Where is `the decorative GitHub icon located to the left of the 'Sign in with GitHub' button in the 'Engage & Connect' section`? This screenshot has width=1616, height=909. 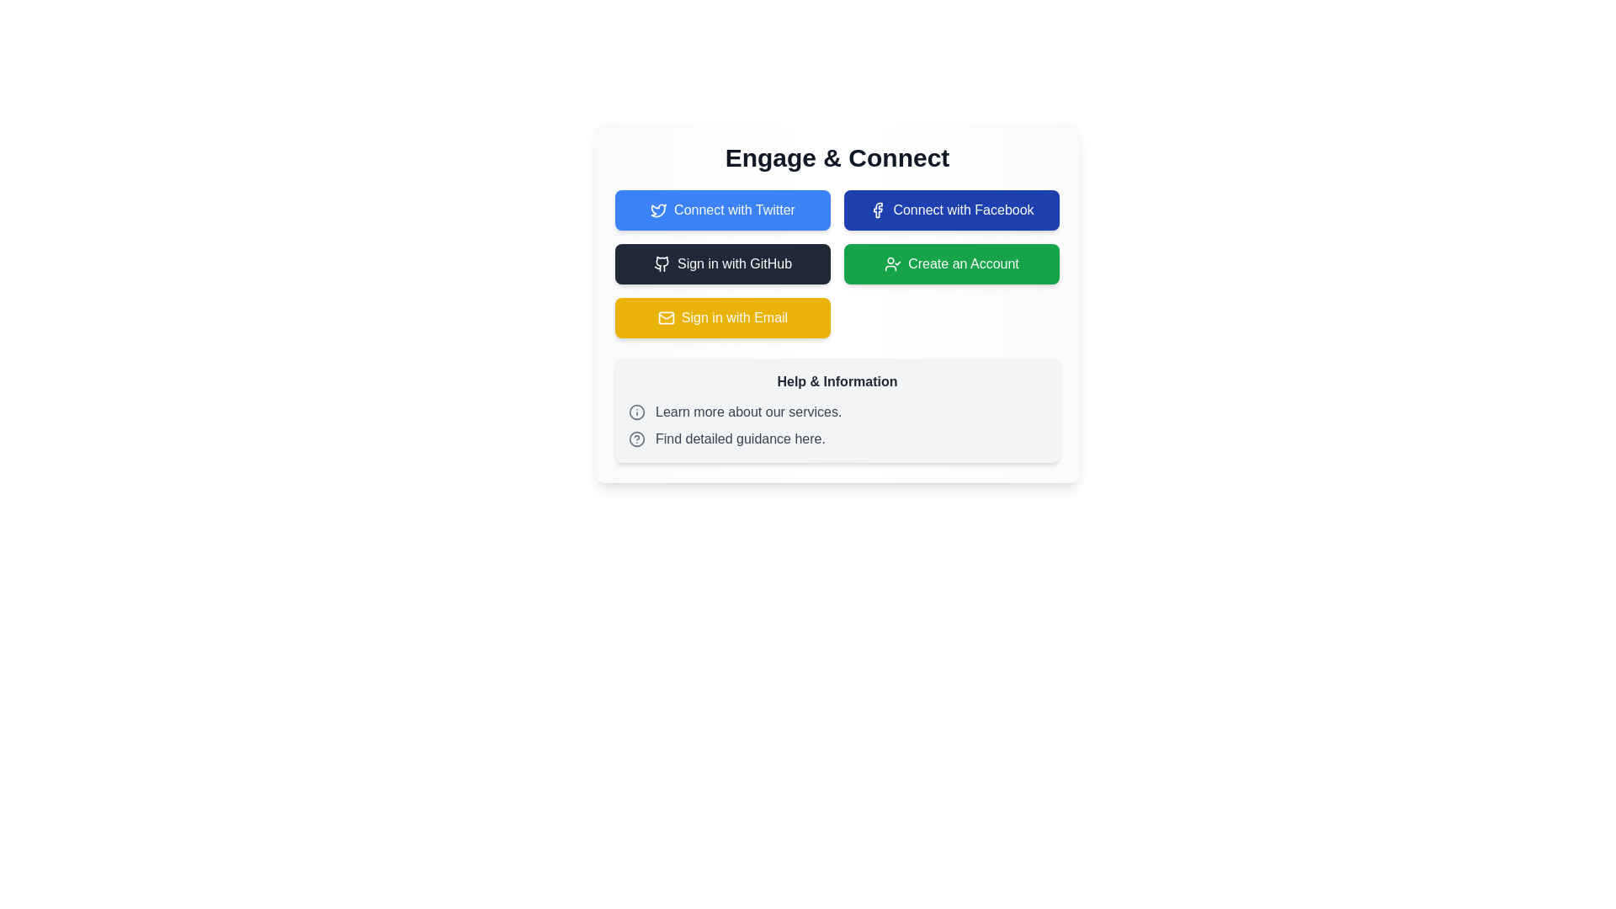 the decorative GitHub icon located to the left of the 'Sign in with GitHub' button in the 'Engage & Connect' section is located at coordinates (662, 263).